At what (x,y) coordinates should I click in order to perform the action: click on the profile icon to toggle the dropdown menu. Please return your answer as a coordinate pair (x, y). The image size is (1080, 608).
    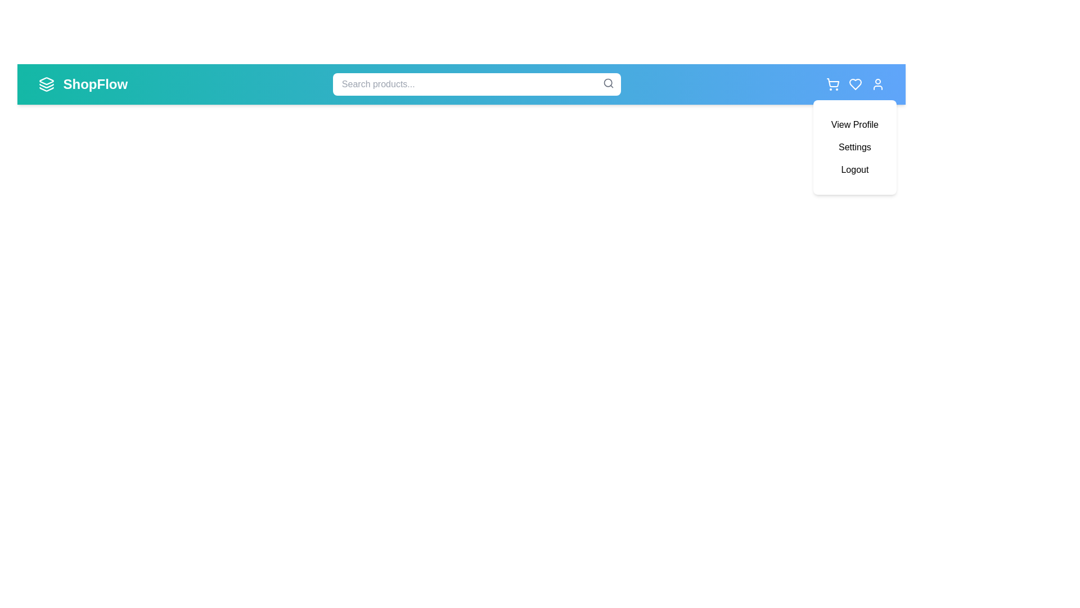
    Looking at the image, I should click on (877, 84).